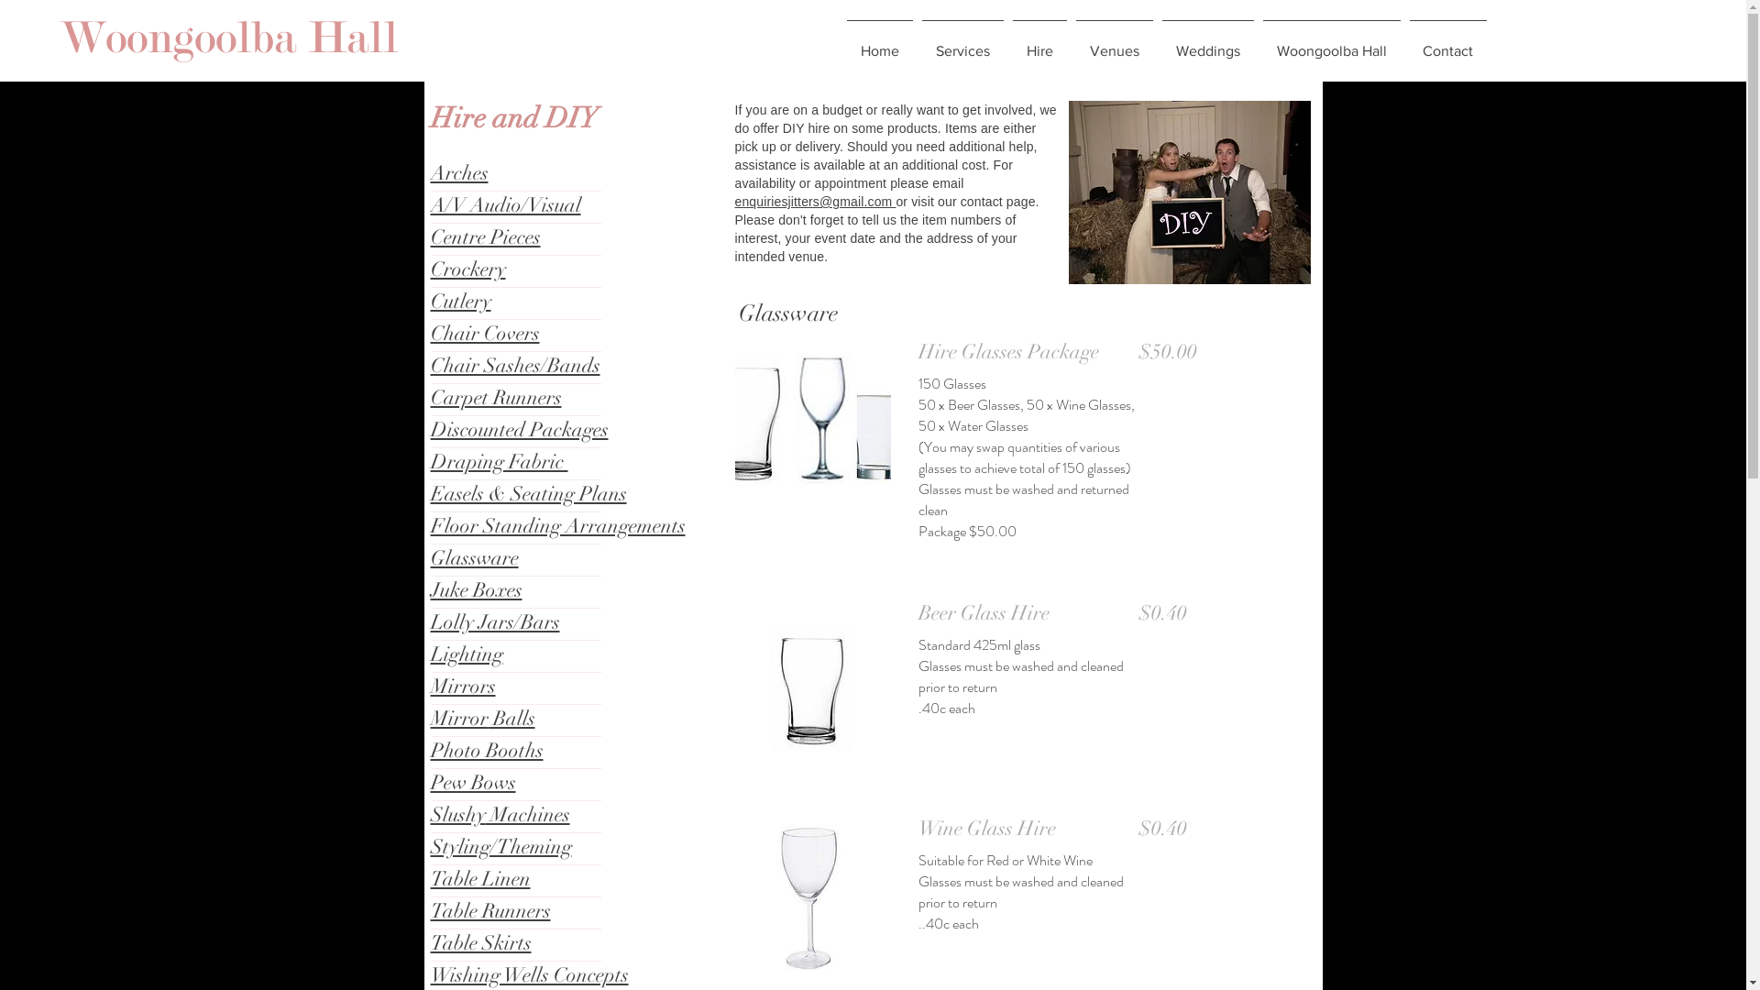 This screenshot has width=1760, height=990. Describe the element at coordinates (483, 717) in the screenshot. I see `'Mirror Balls'` at that location.